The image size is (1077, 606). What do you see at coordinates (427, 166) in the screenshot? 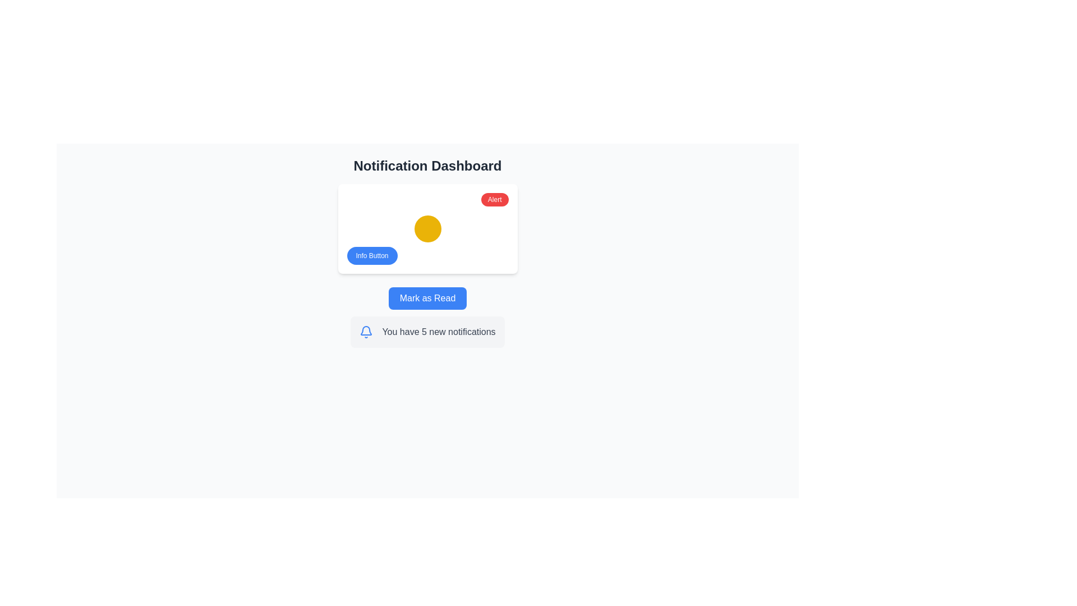
I see `the prominent textual header labeled 'Notification Dashboard' which is styled in bold and large dark gray font, located at the top-center of the interface` at bounding box center [427, 166].